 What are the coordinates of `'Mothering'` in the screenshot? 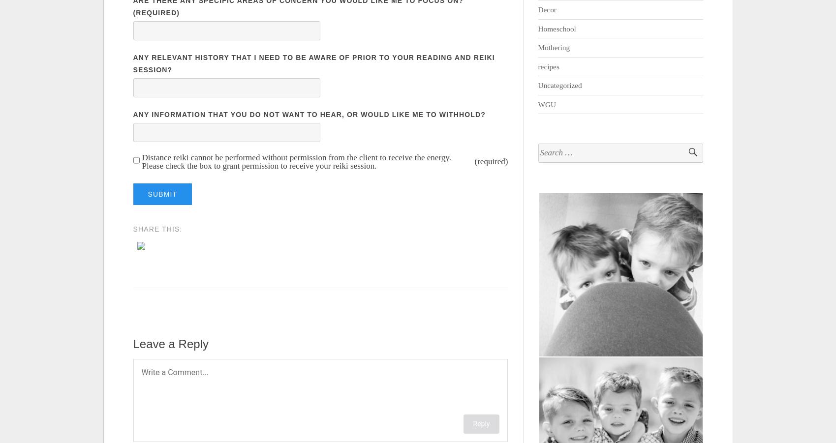 It's located at (553, 47).